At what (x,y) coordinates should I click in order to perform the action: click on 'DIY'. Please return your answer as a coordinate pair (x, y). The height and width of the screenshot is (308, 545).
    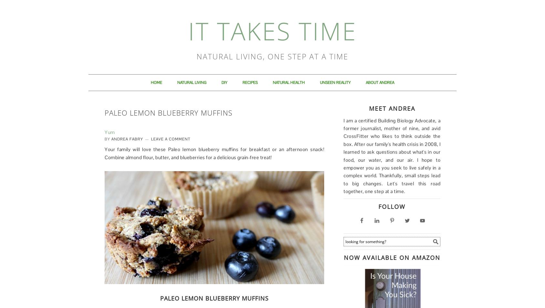
    Looking at the image, I should click on (224, 82).